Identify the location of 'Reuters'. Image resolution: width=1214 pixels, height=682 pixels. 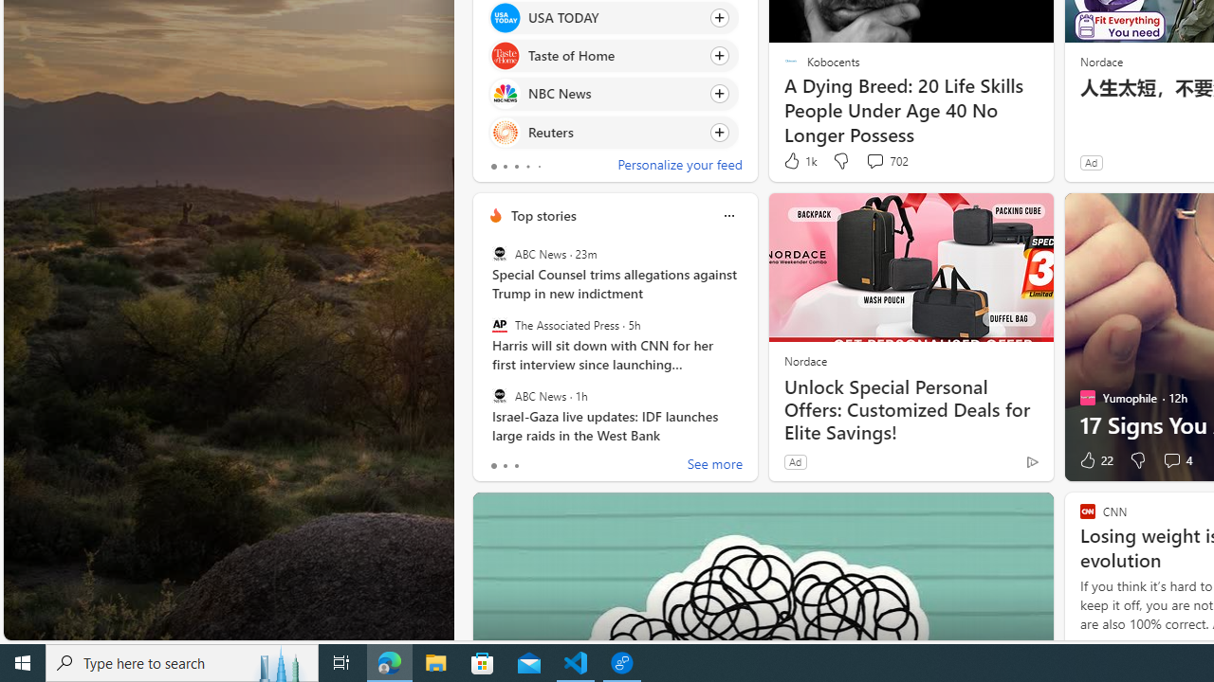
(505, 131).